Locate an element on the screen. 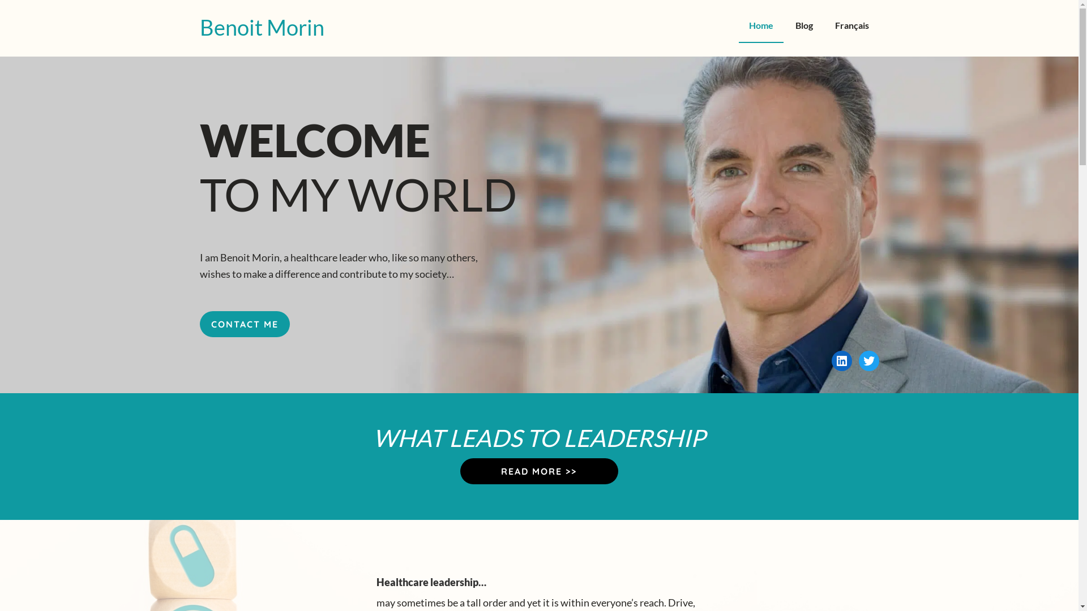 The width and height of the screenshot is (1087, 611). 'READ MORE >>' is located at coordinates (538, 471).